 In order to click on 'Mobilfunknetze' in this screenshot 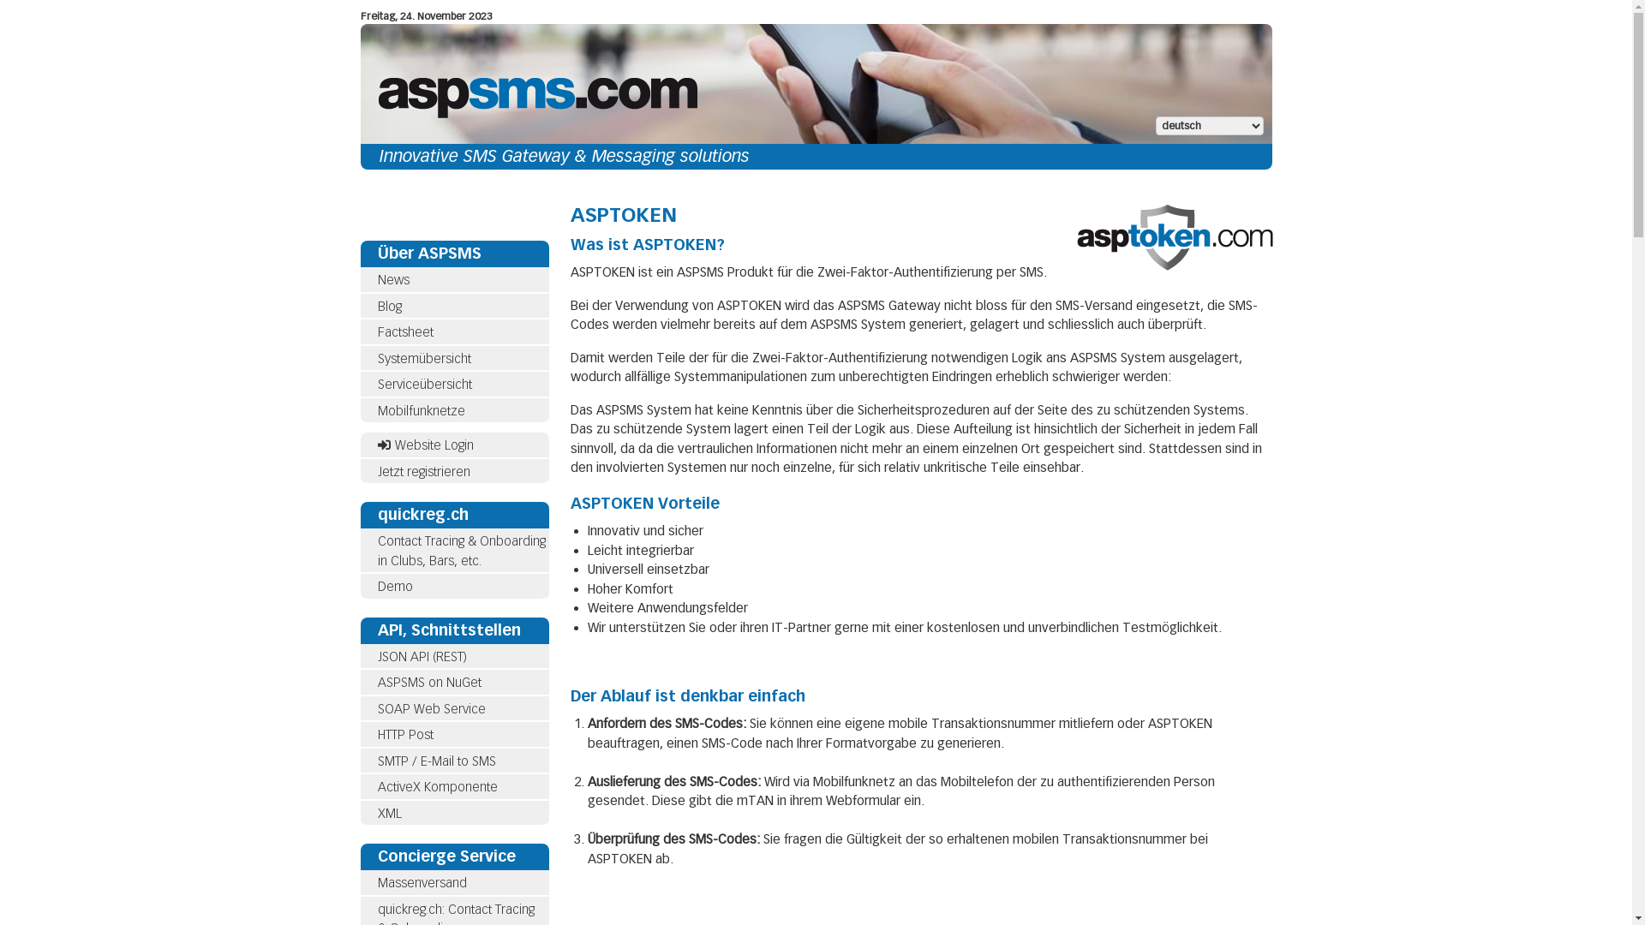, I will do `click(453, 410)`.